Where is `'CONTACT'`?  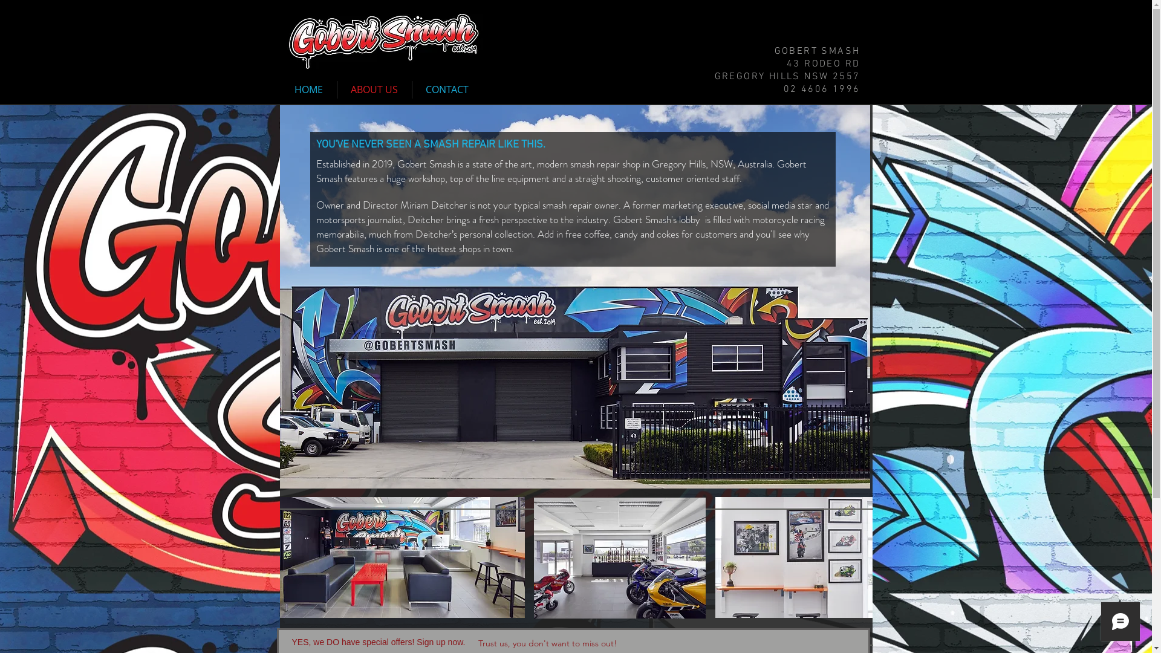 'CONTACT' is located at coordinates (446, 89).